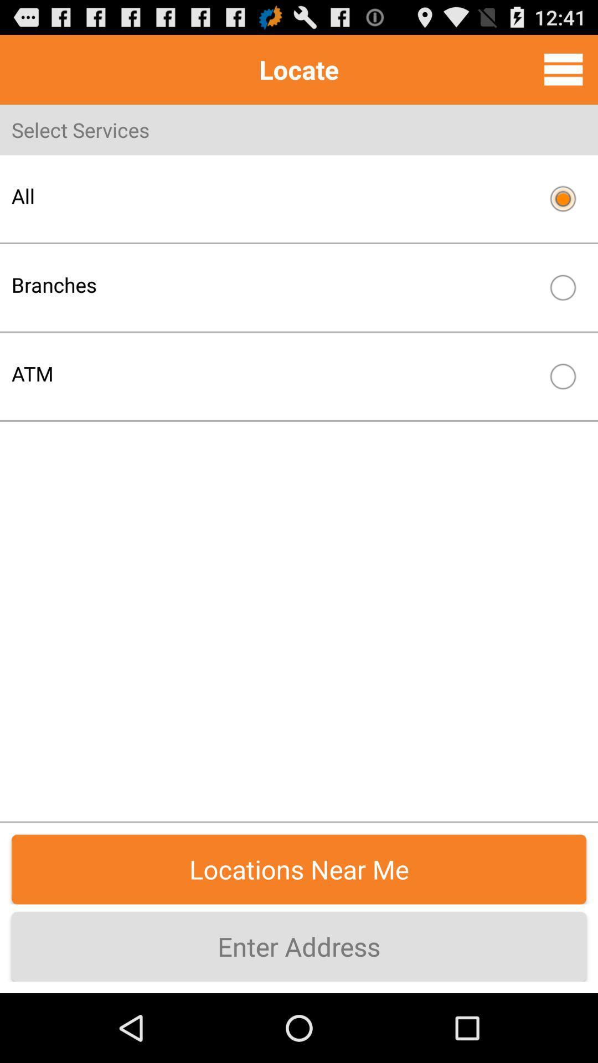  Describe the element at coordinates (563, 69) in the screenshot. I see `the icon to the right of the locate` at that location.